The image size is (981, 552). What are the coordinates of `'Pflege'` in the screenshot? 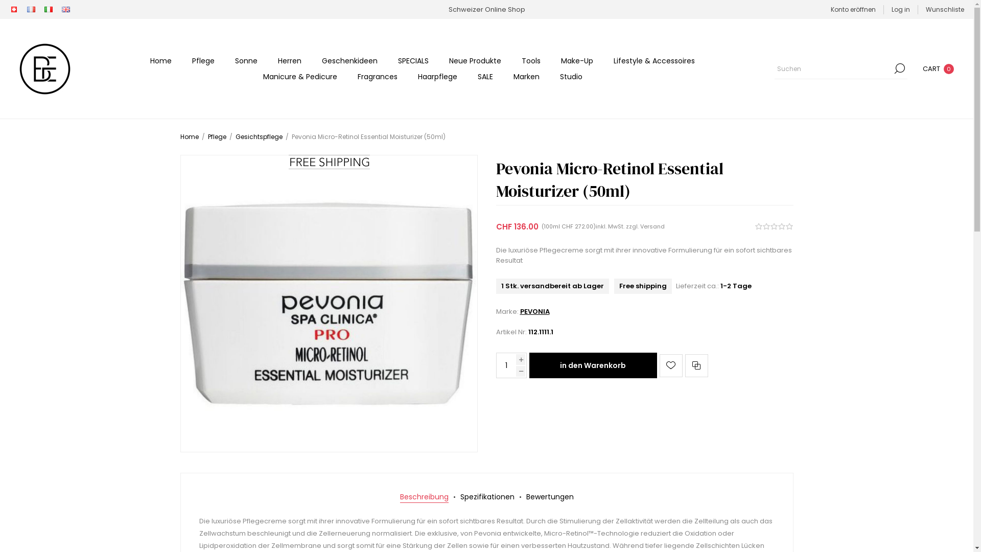 It's located at (207, 136).